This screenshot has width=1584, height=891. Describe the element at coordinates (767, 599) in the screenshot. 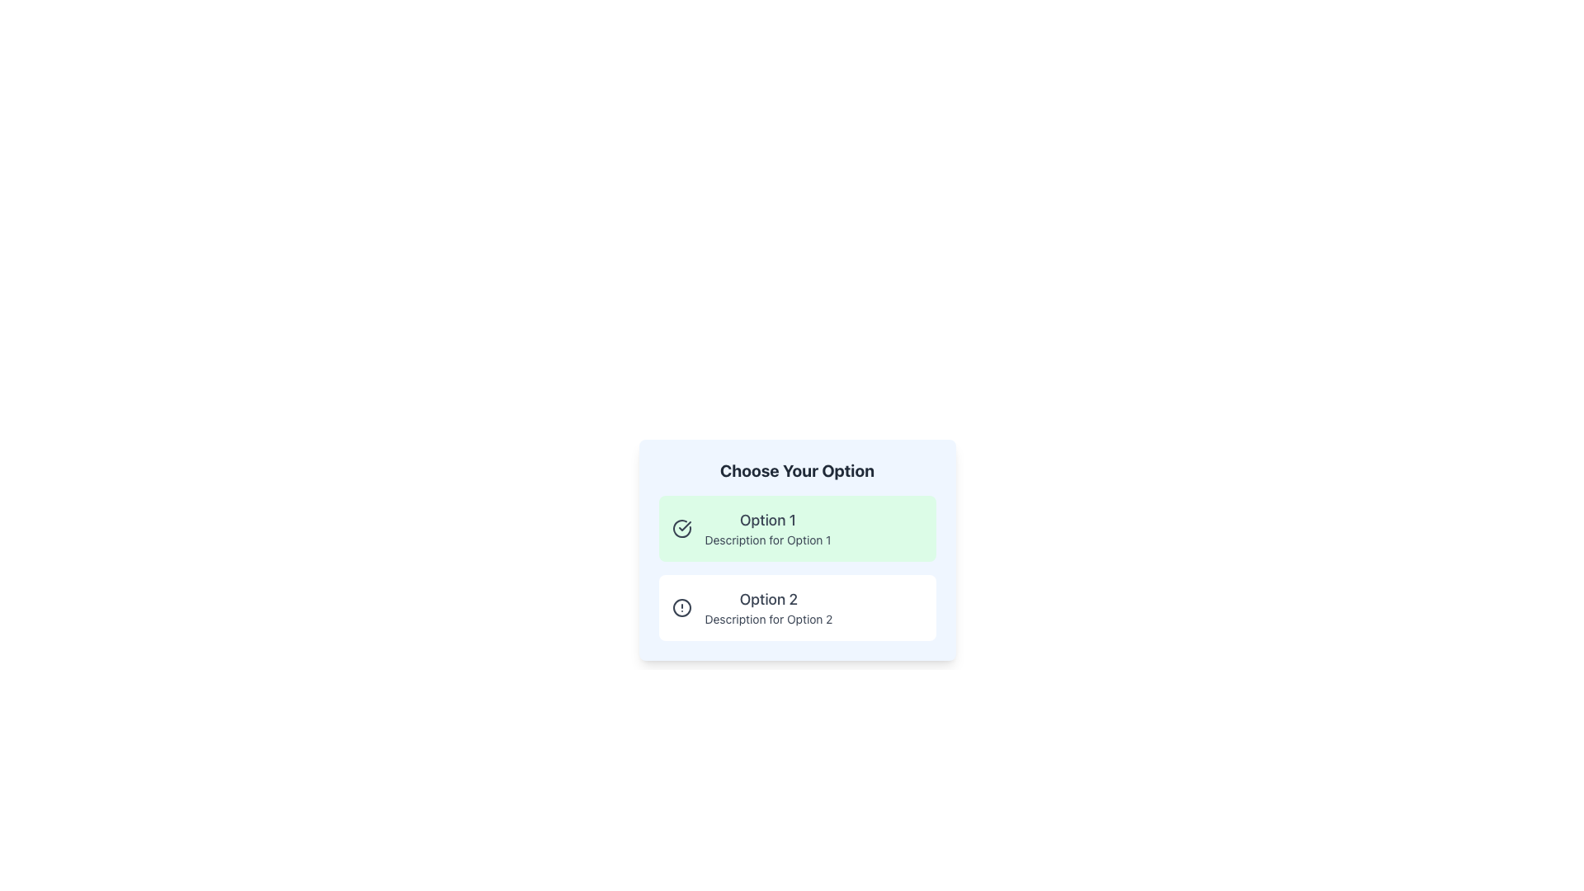

I see `the text label reading 'Option 2', which is styled in bold and medium font size, located within the list of options labeled 'Choose Your Option'` at that location.